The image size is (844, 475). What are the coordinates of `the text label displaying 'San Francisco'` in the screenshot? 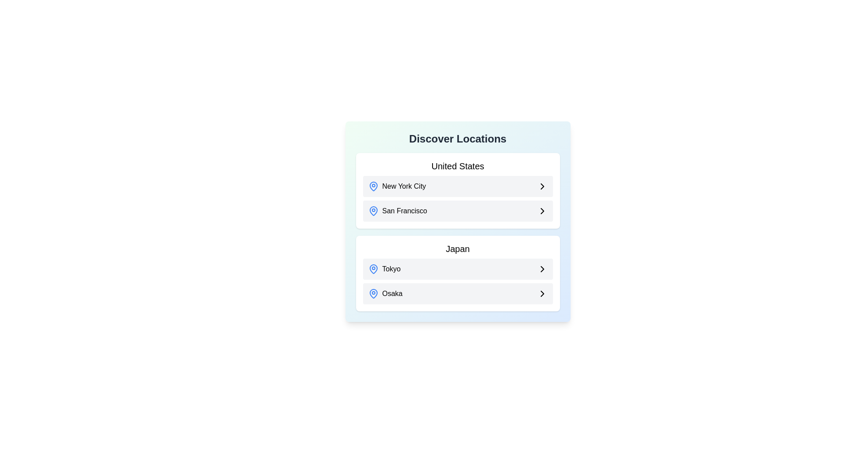 It's located at (404, 211).